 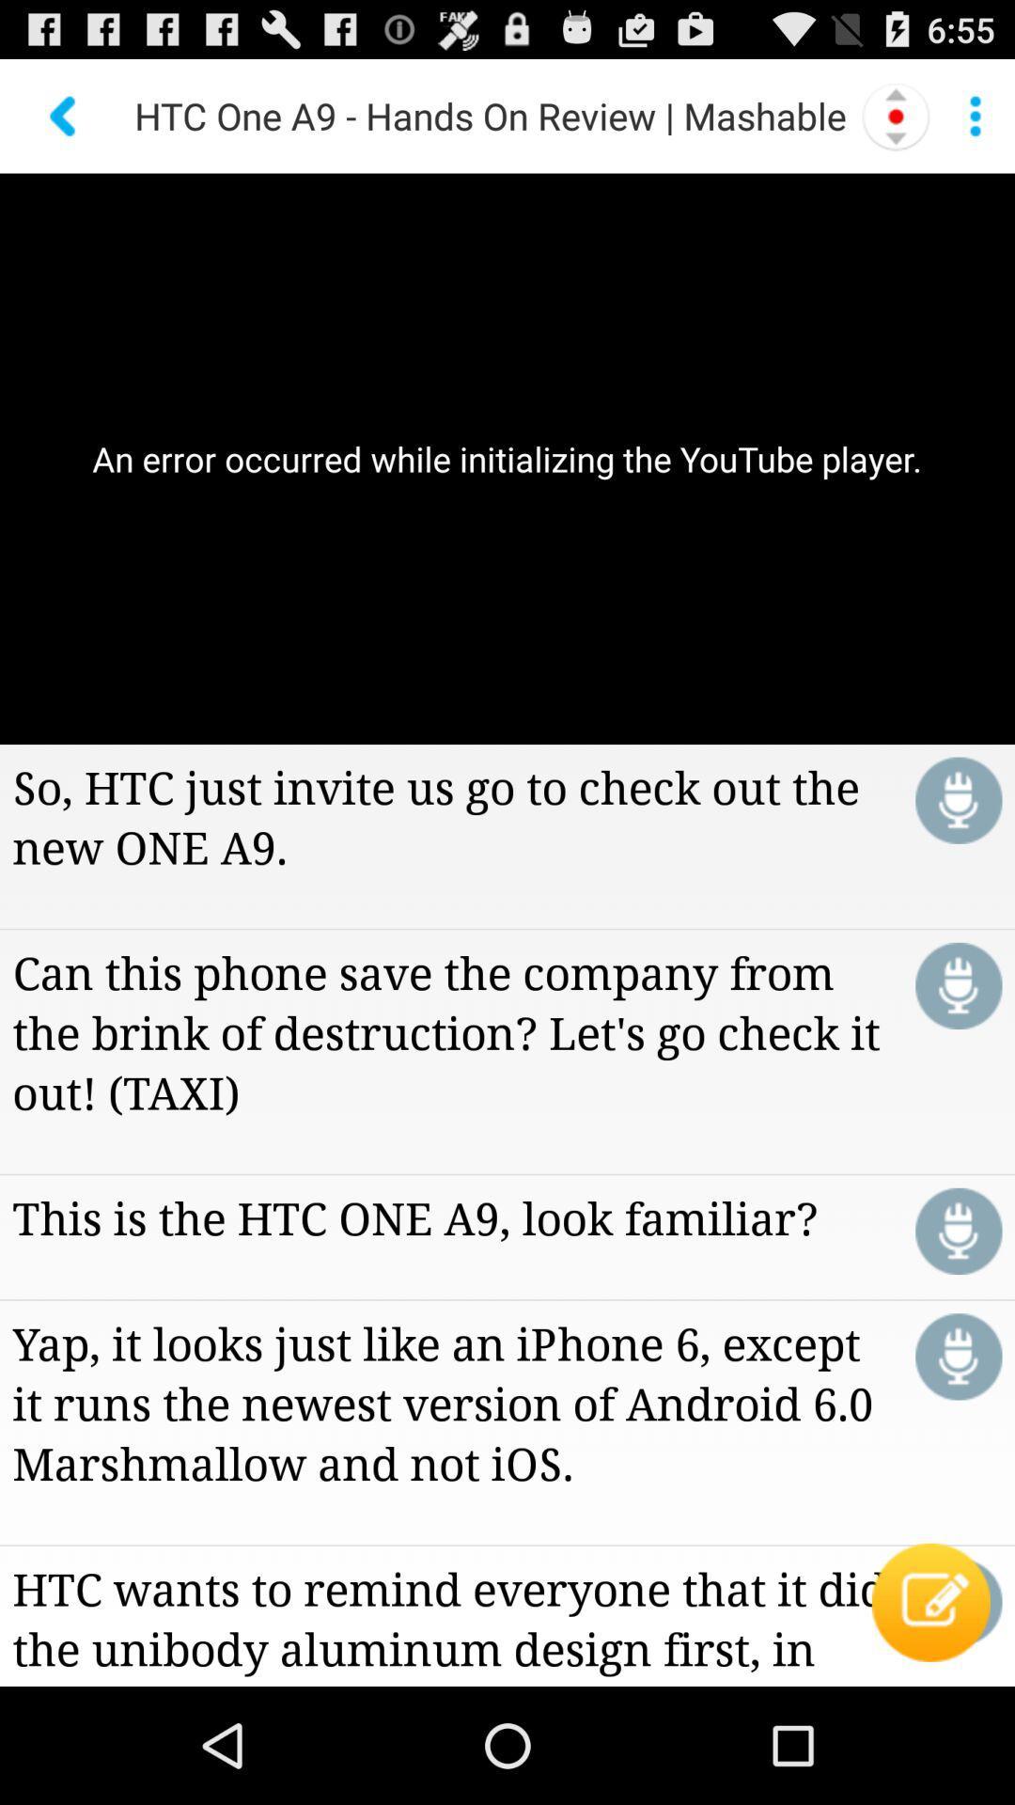 What do you see at coordinates (959, 984) in the screenshot?
I see `mic option` at bounding box center [959, 984].